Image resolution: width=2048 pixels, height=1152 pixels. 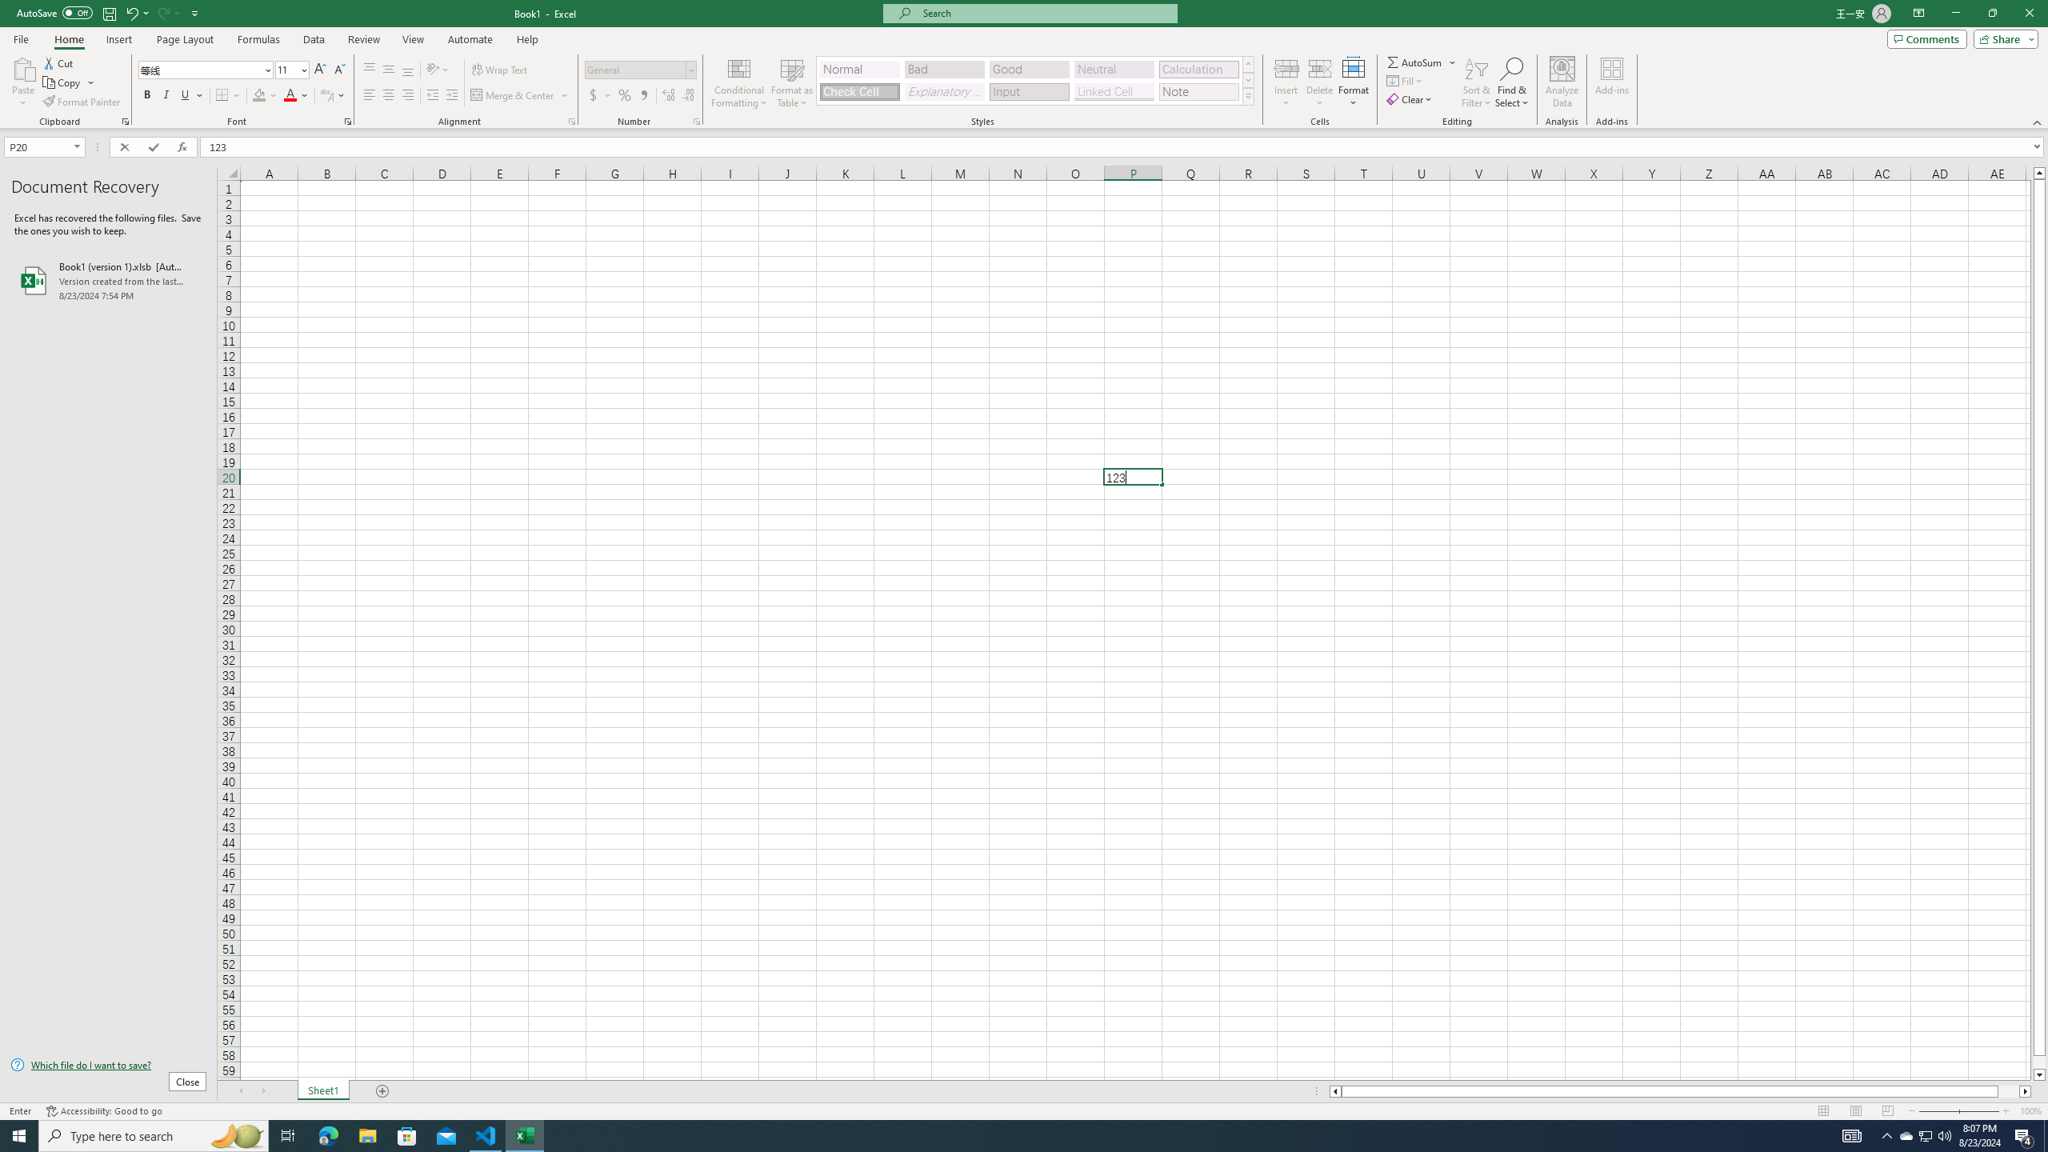 I want to click on 'Increase Decimal', so click(x=668, y=94).